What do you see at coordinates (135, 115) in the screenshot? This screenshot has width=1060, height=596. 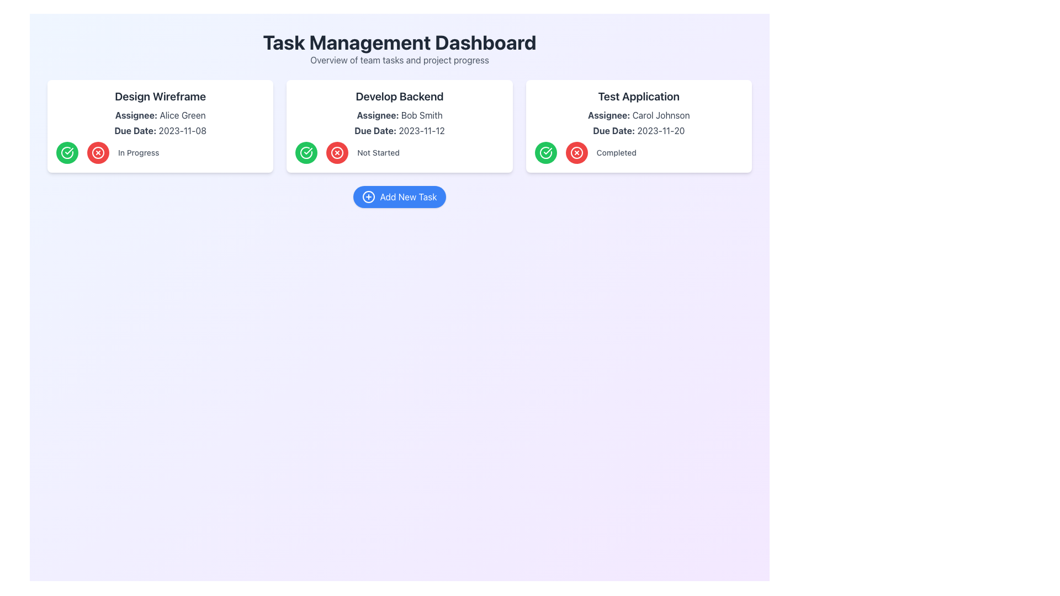 I see `the 'Assignee:' label in bold text located in the 'Design Wireframe' section of the leftmost task card, positioned above 'Alice Green'` at bounding box center [135, 115].